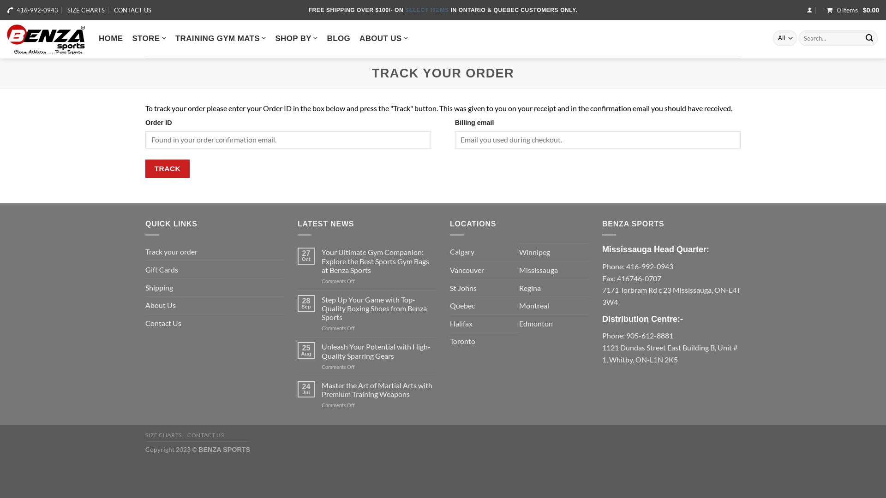 The width and height of the screenshot is (886, 498). What do you see at coordinates (534, 252) in the screenshot?
I see `'Winnipeg'` at bounding box center [534, 252].